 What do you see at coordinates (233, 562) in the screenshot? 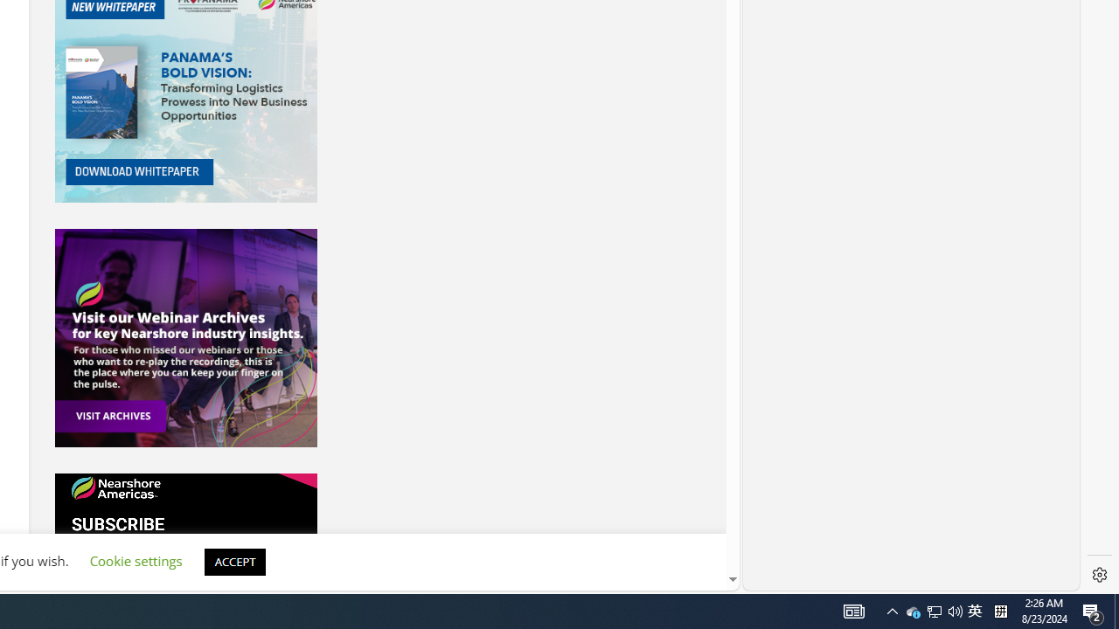
I see `'ACCEPT'` at bounding box center [233, 562].